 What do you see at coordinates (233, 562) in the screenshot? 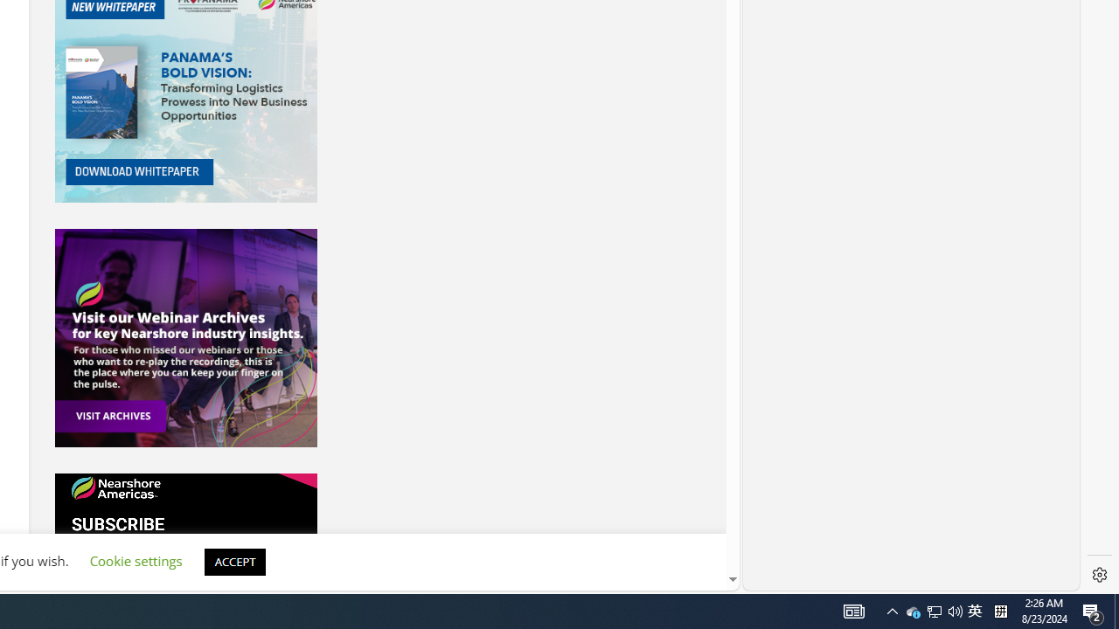
I see `'ACCEPT'` at bounding box center [233, 562].